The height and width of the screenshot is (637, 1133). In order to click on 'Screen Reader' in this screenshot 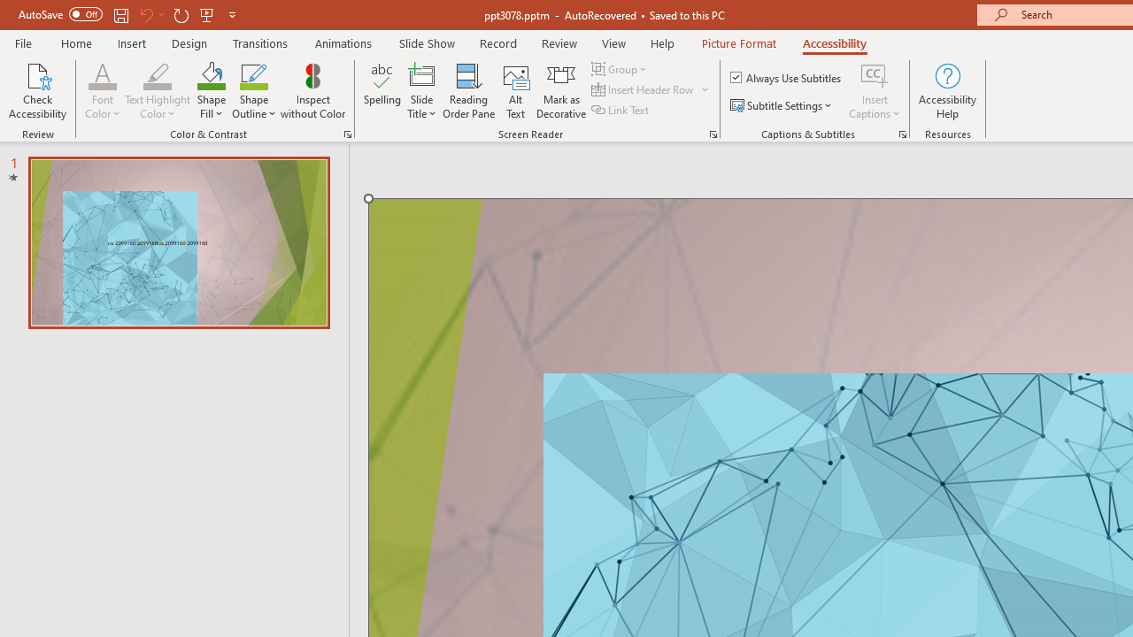, I will do `click(713, 133)`.